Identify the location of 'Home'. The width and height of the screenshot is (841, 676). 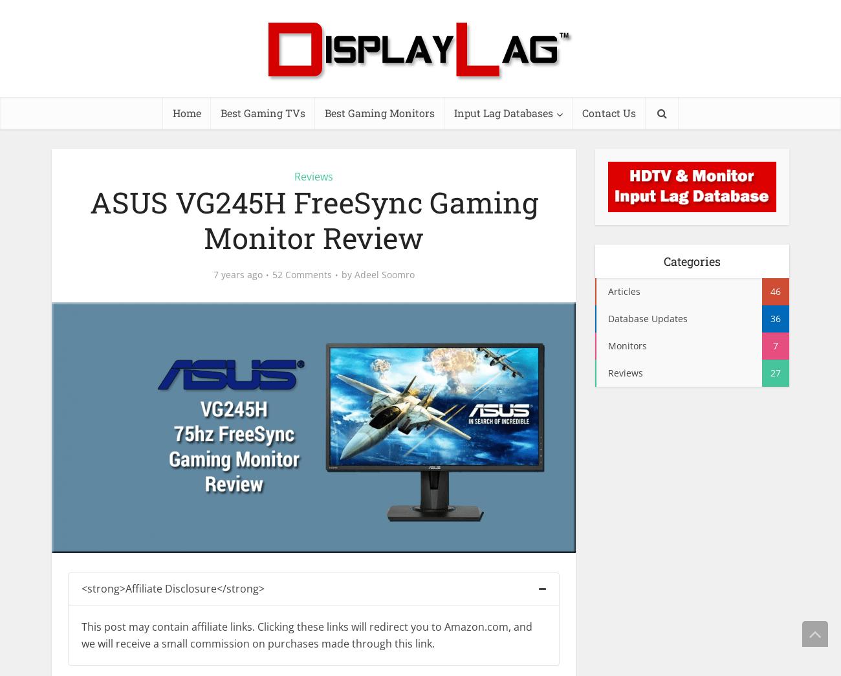
(186, 112).